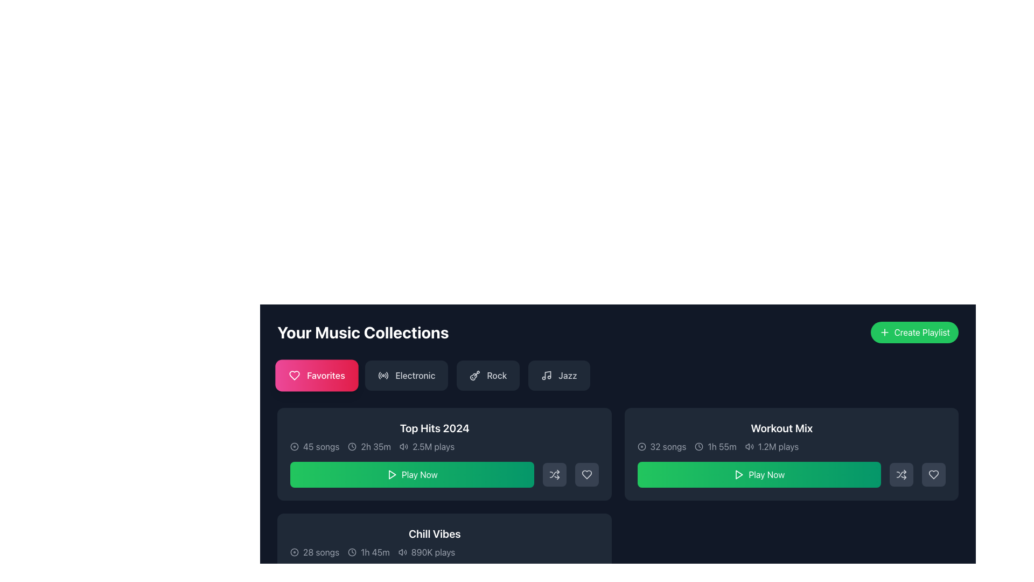  I want to click on text displayed on the label that indicates the number of times the 'Workout Mix' playlist has been played, located towards the right within its card, so click(778, 447).